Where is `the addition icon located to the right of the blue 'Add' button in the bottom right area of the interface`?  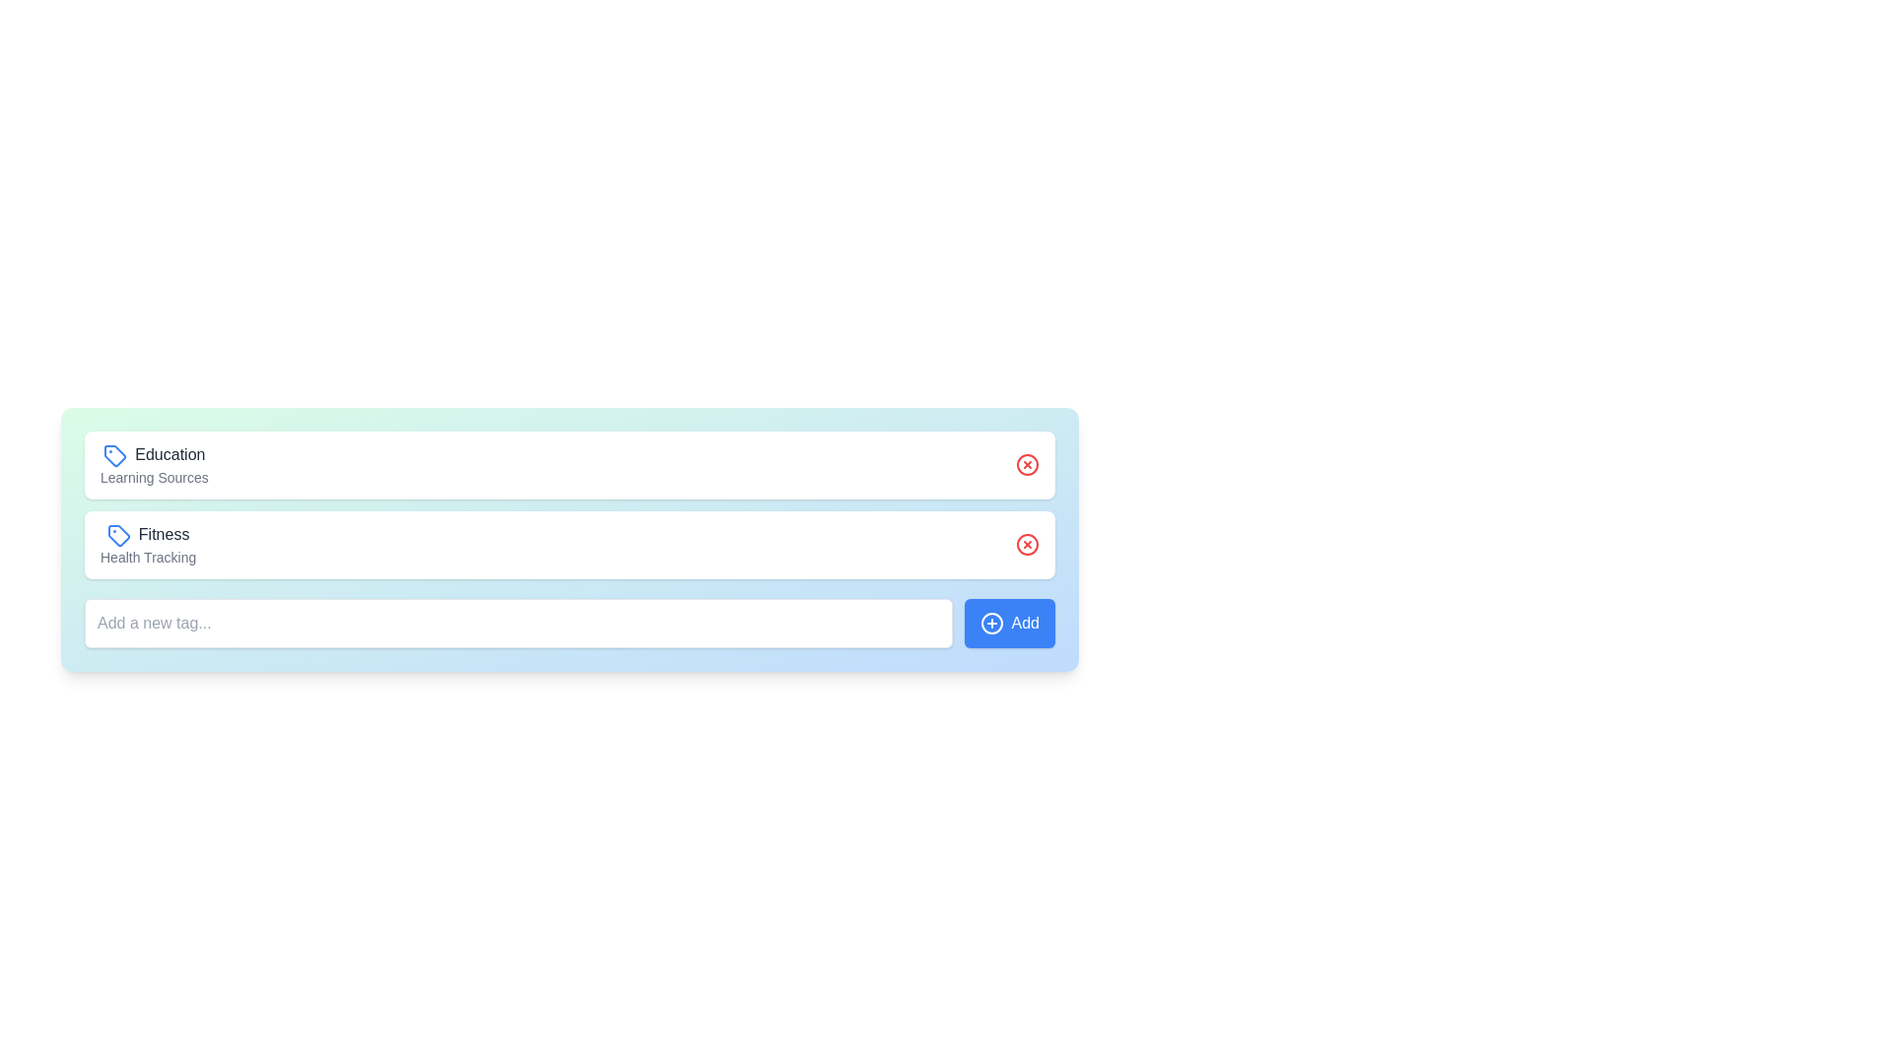 the addition icon located to the right of the blue 'Add' button in the bottom right area of the interface is located at coordinates (991, 623).